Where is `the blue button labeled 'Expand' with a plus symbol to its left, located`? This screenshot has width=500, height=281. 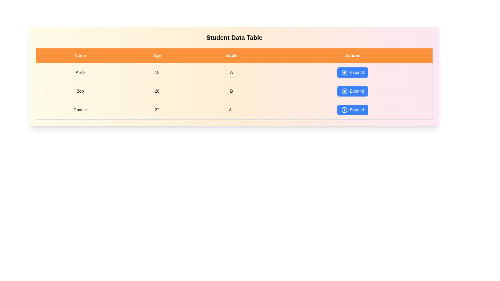
the blue button labeled 'Expand' with a plus symbol to its left, located is located at coordinates (353, 72).